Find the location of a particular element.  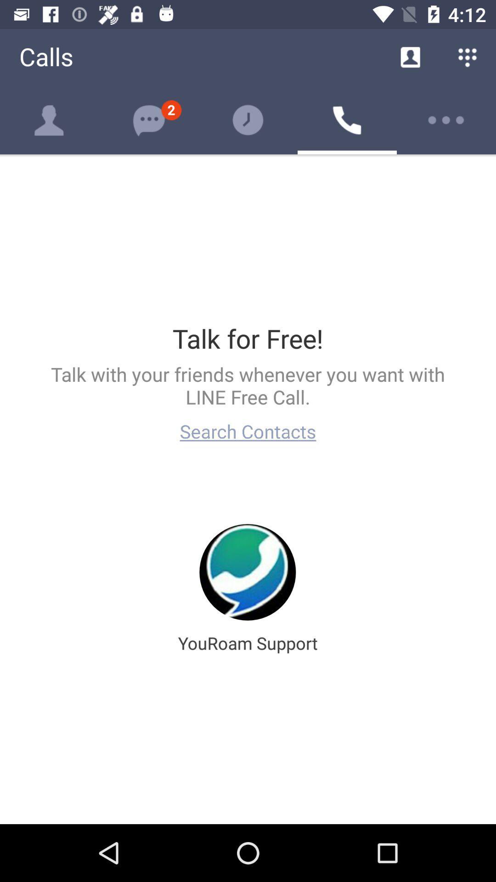

the help icon is located at coordinates (248, 120).